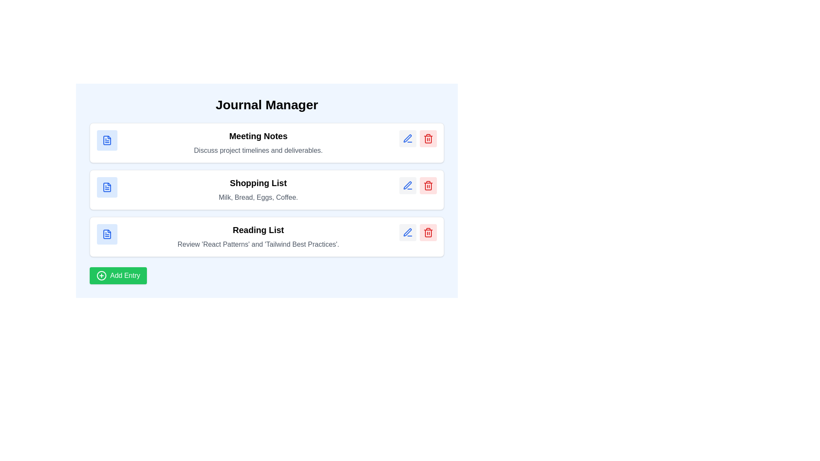 Image resolution: width=820 pixels, height=461 pixels. What do you see at coordinates (407, 232) in the screenshot?
I see `the stylized pen icon located in the 'Edit' button section next to the 'Reading List' item in the interface list` at bounding box center [407, 232].